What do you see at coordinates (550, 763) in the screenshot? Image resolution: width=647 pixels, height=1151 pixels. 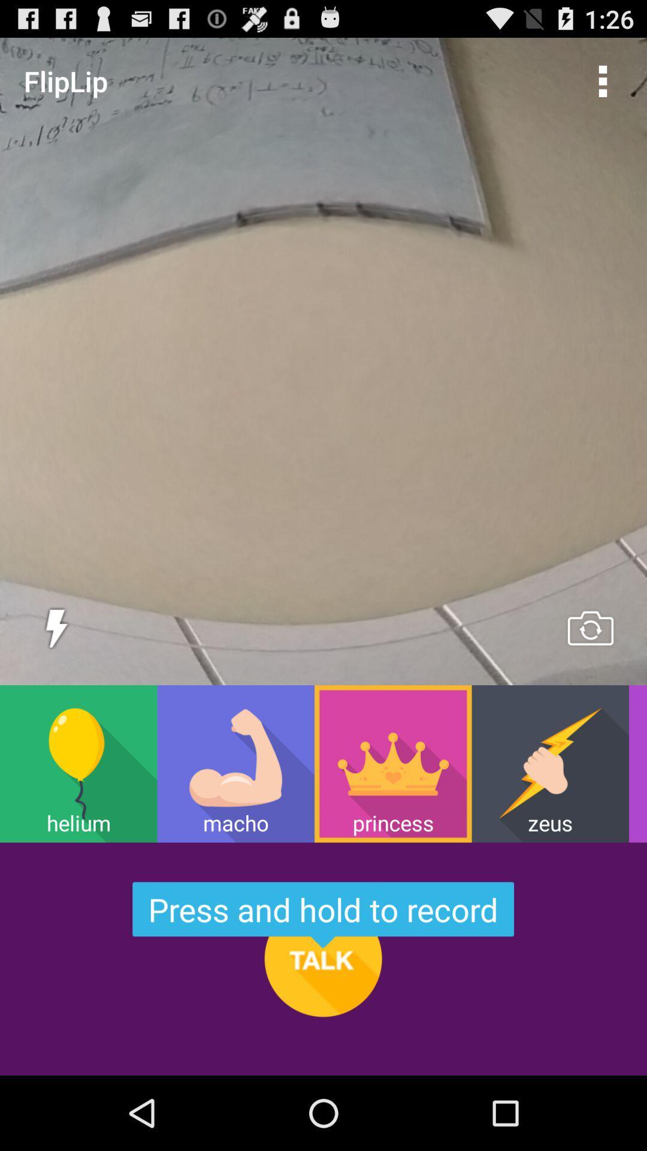 I see `item to the left of wacko` at bounding box center [550, 763].